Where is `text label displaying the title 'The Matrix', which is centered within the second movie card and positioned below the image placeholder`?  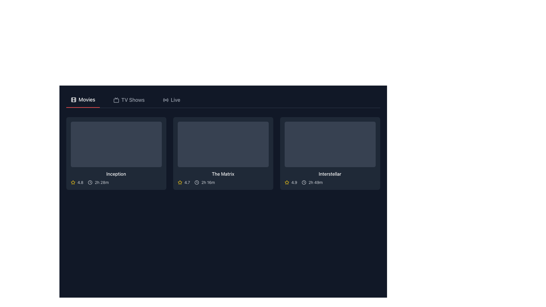 text label displaying the title 'The Matrix', which is centered within the second movie card and positioned below the image placeholder is located at coordinates (223, 174).